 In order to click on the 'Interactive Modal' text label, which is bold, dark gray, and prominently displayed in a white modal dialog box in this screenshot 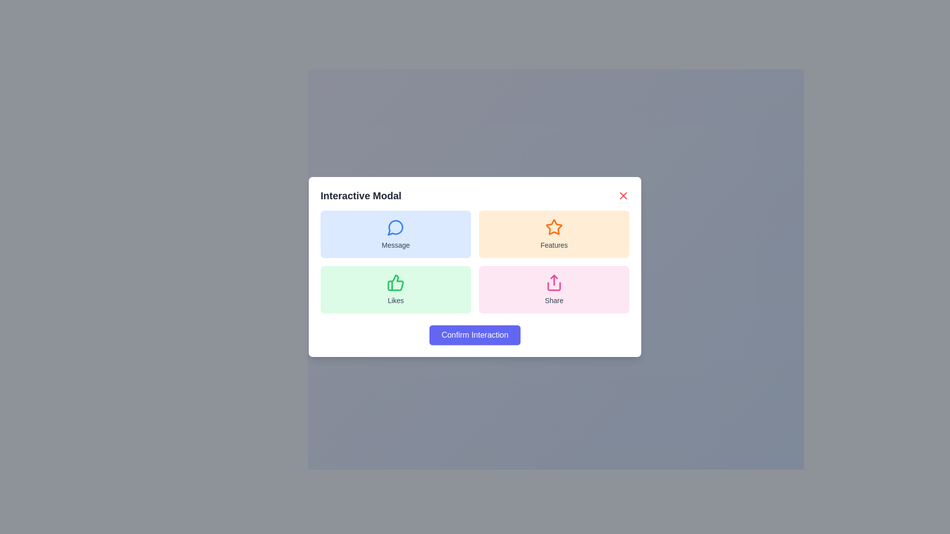, I will do `click(360, 196)`.